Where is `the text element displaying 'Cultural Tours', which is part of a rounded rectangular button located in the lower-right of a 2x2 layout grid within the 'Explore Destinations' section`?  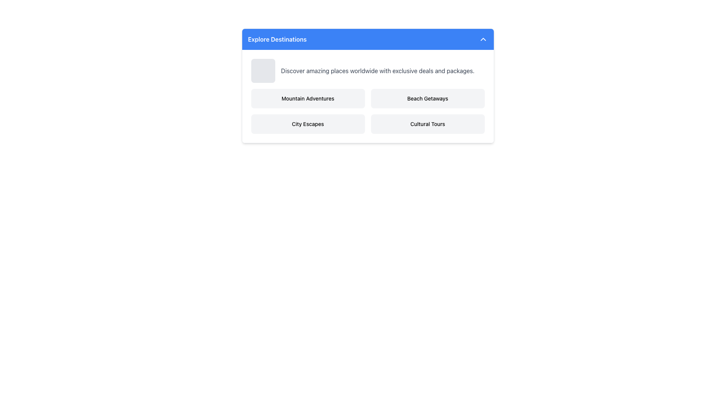
the text element displaying 'Cultural Tours', which is part of a rounded rectangular button located in the lower-right of a 2x2 layout grid within the 'Explore Destinations' section is located at coordinates (427, 124).